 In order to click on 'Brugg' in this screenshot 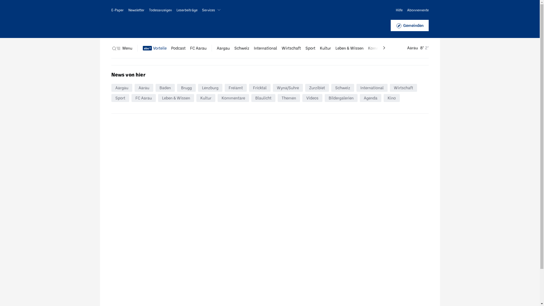, I will do `click(186, 88)`.